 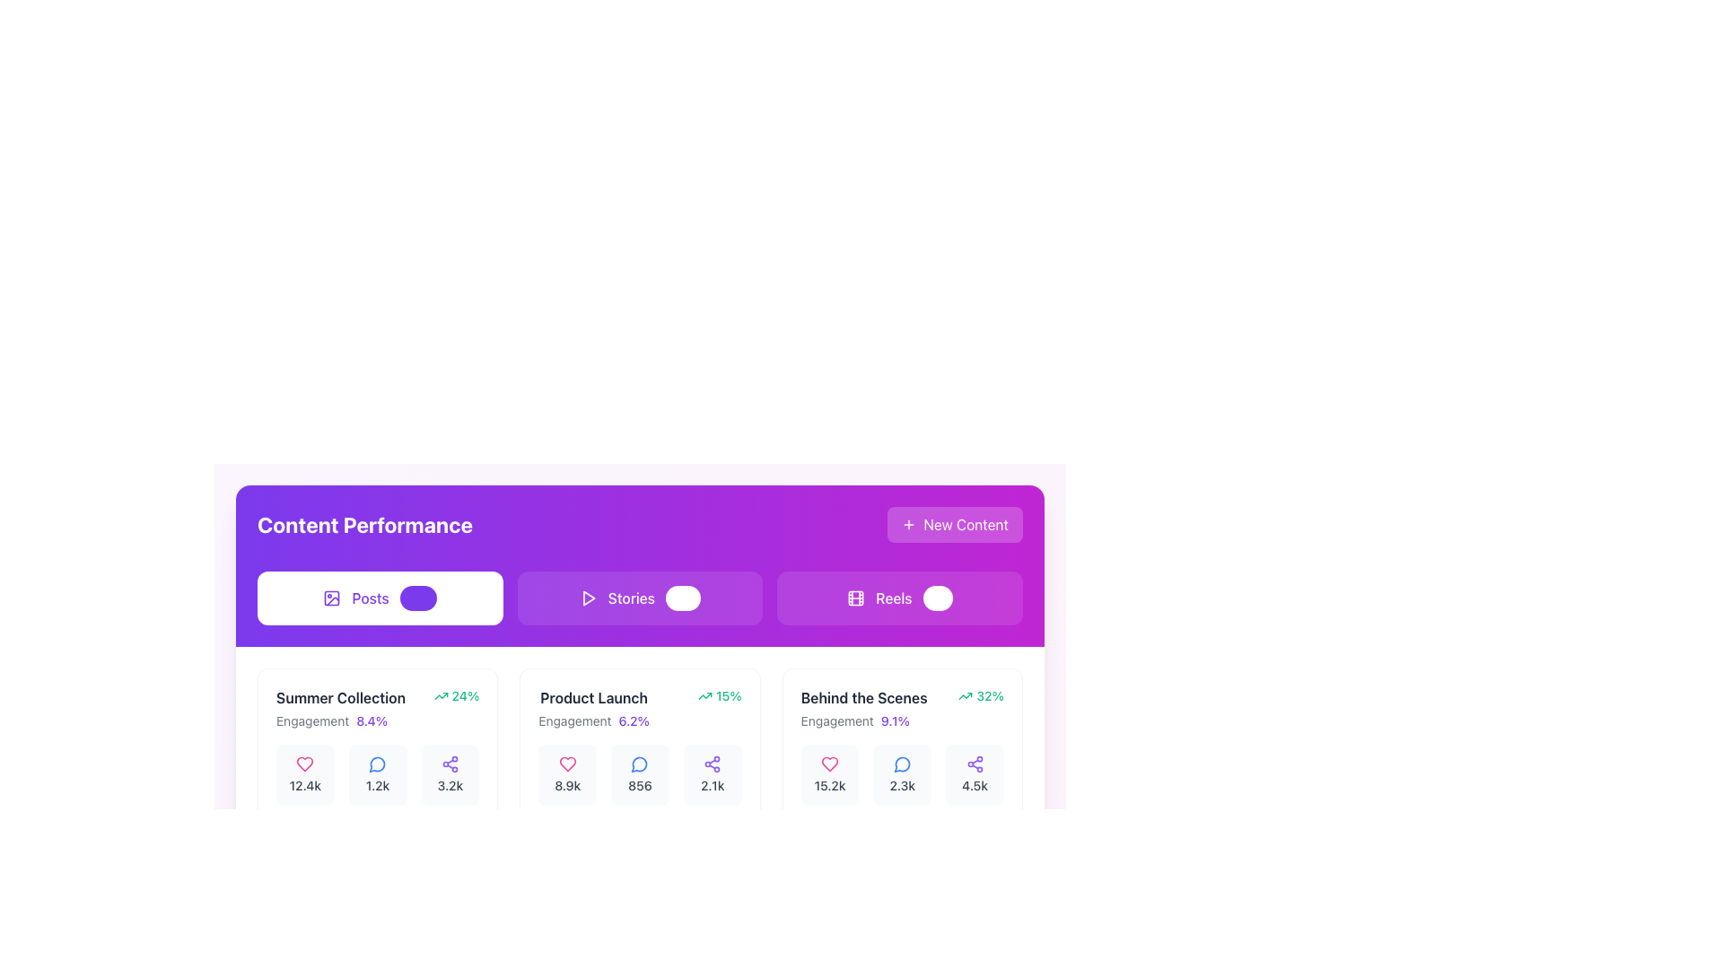 I want to click on the bold text block displaying the title 'Content Performance' in white color, which is positioned at the top-left corner of the purple section, so click(x=364, y=525).